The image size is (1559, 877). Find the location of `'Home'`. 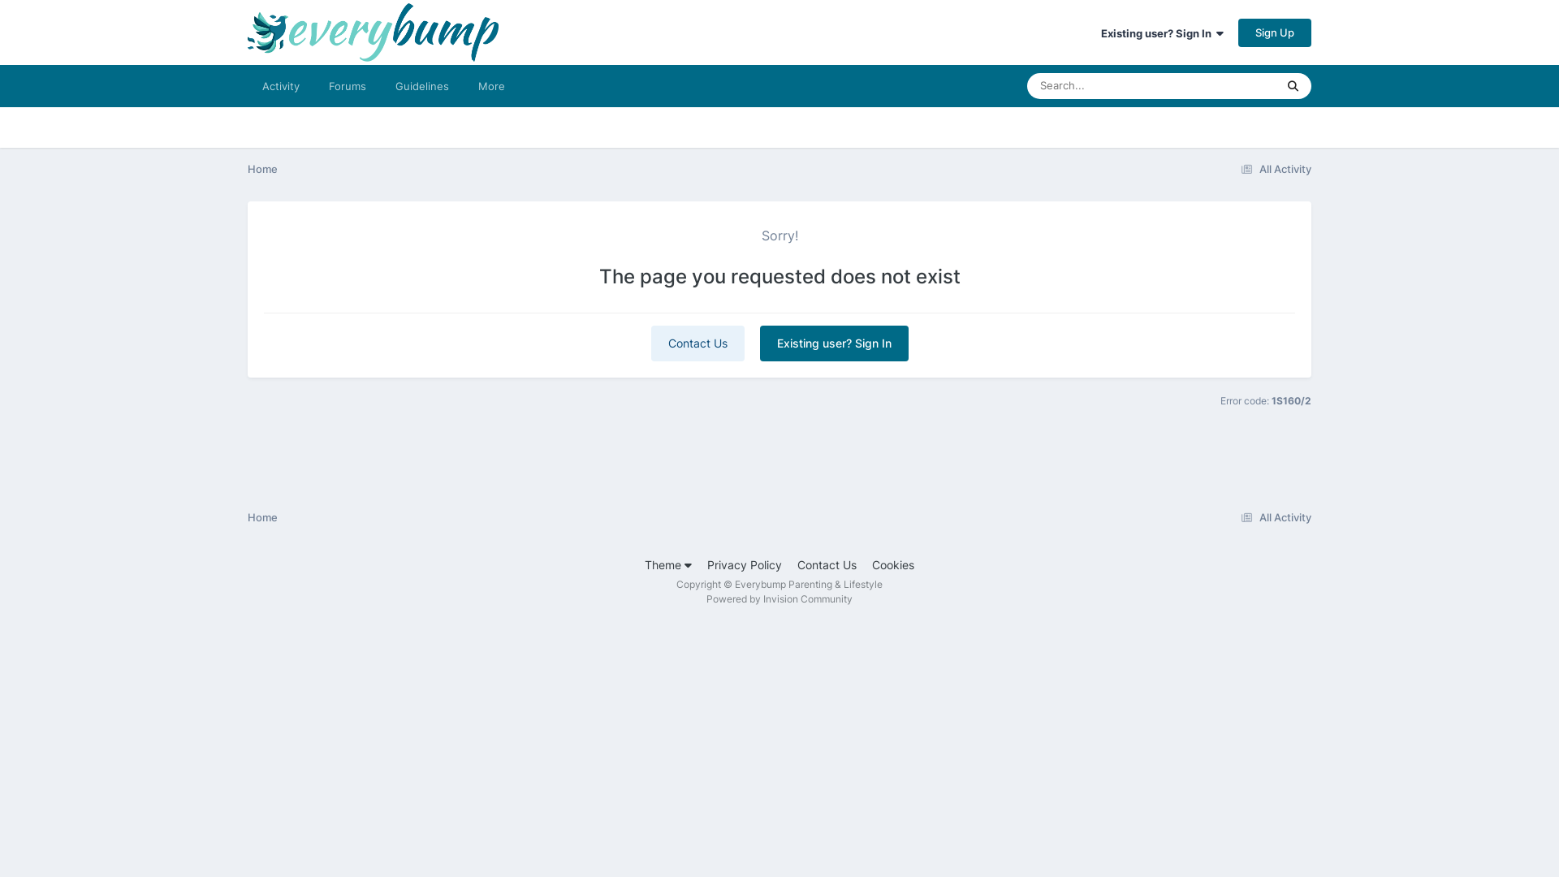

'Home' is located at coordinates (262, 516).